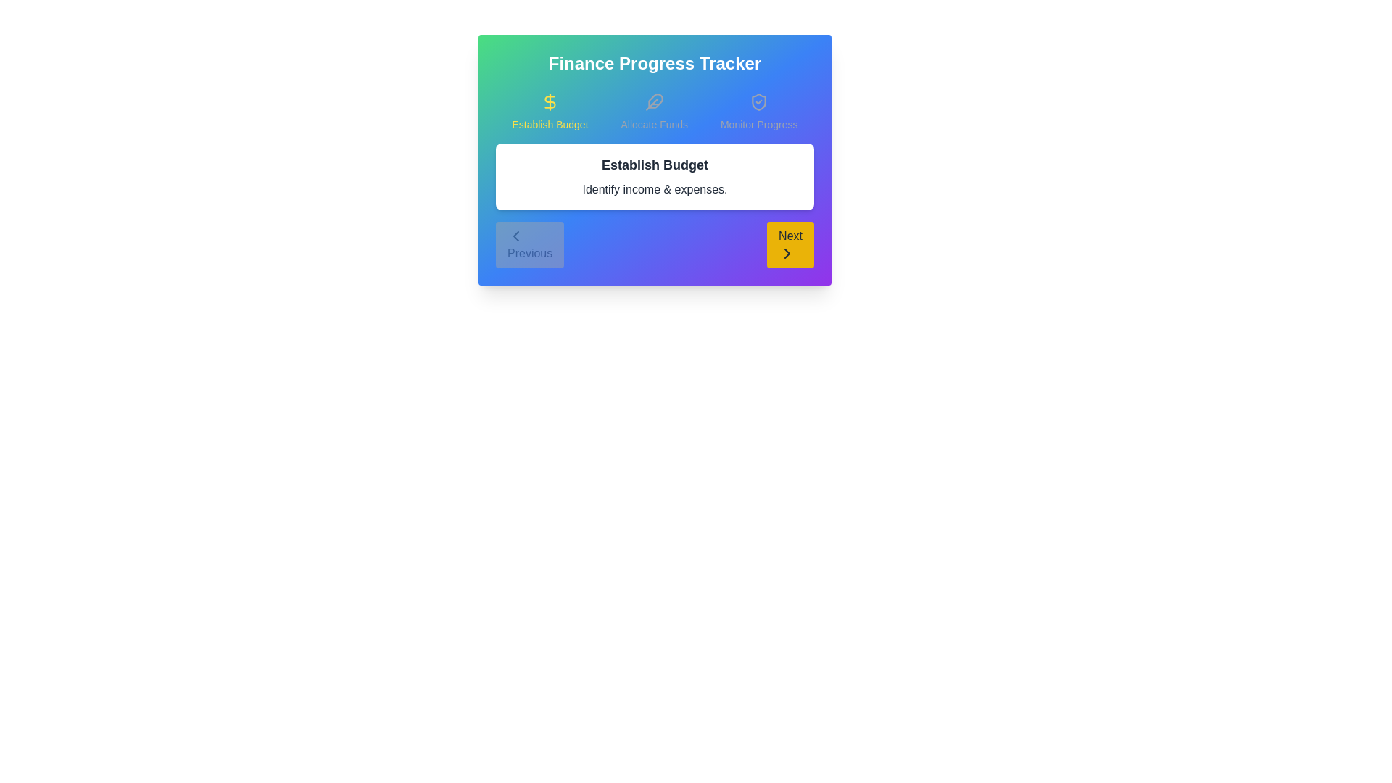 The image size is (1392, 783). Describe the element at coordinates (653, 111) in the screenshot. I see `the process icon for Allocate Funds` at that location.